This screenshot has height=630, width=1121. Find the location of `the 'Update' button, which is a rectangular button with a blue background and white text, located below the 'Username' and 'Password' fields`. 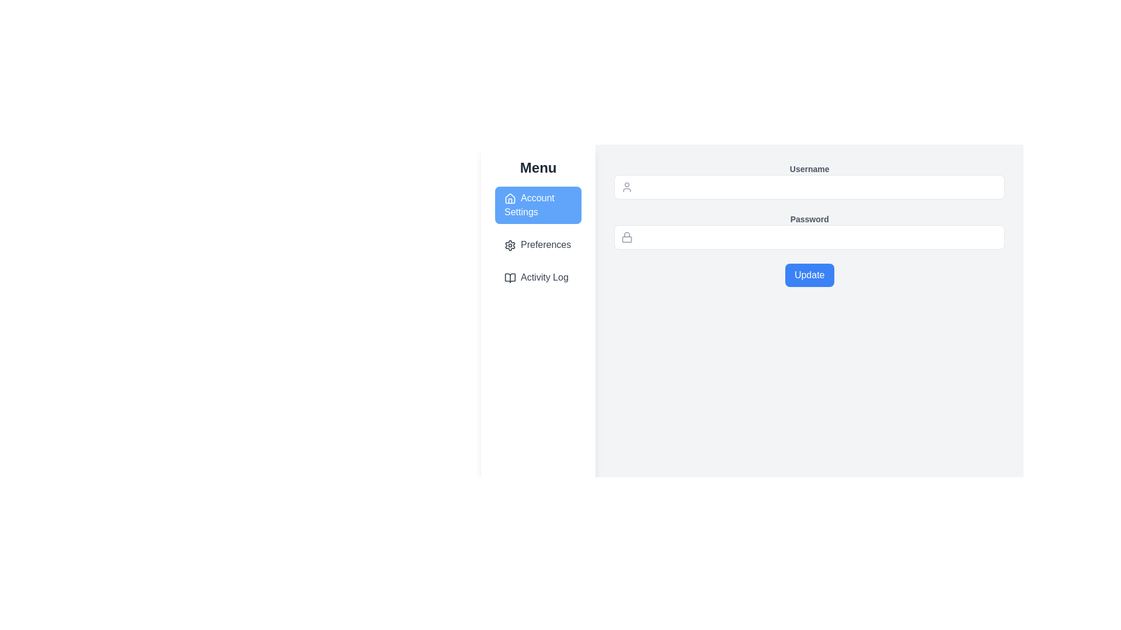

the 'Update' button, which is a rectangular button with a blue background and white text, located below the 'Username' and 'Password' fields is located at coordinates (809, 275).